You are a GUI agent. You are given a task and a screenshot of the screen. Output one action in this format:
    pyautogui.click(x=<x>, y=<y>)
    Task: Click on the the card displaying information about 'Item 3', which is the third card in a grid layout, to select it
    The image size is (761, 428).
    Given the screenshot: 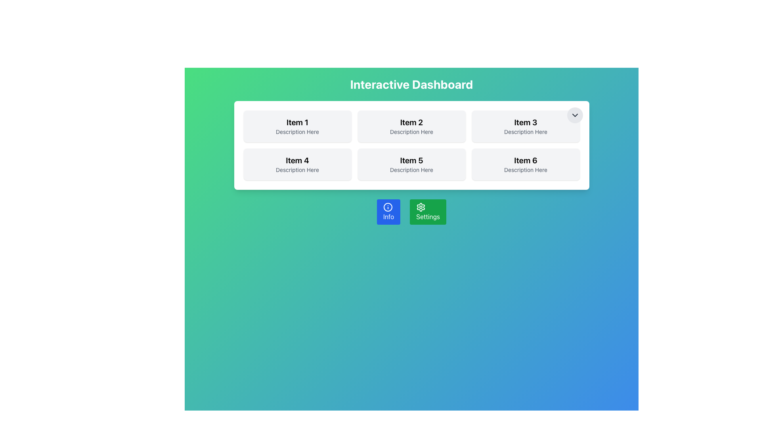 What is the action you would take?
    pyautogui.click(x=526, y=126)
    